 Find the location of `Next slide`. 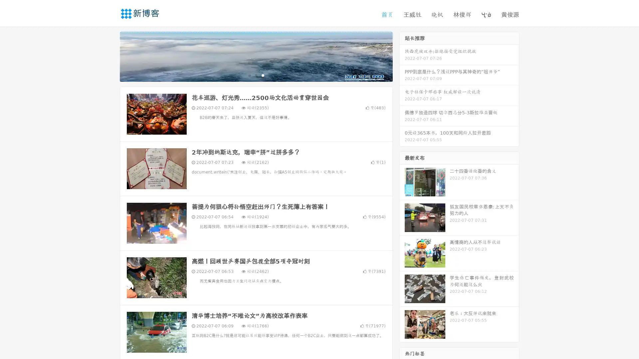

Next slide is located at coordinates (402, 56).